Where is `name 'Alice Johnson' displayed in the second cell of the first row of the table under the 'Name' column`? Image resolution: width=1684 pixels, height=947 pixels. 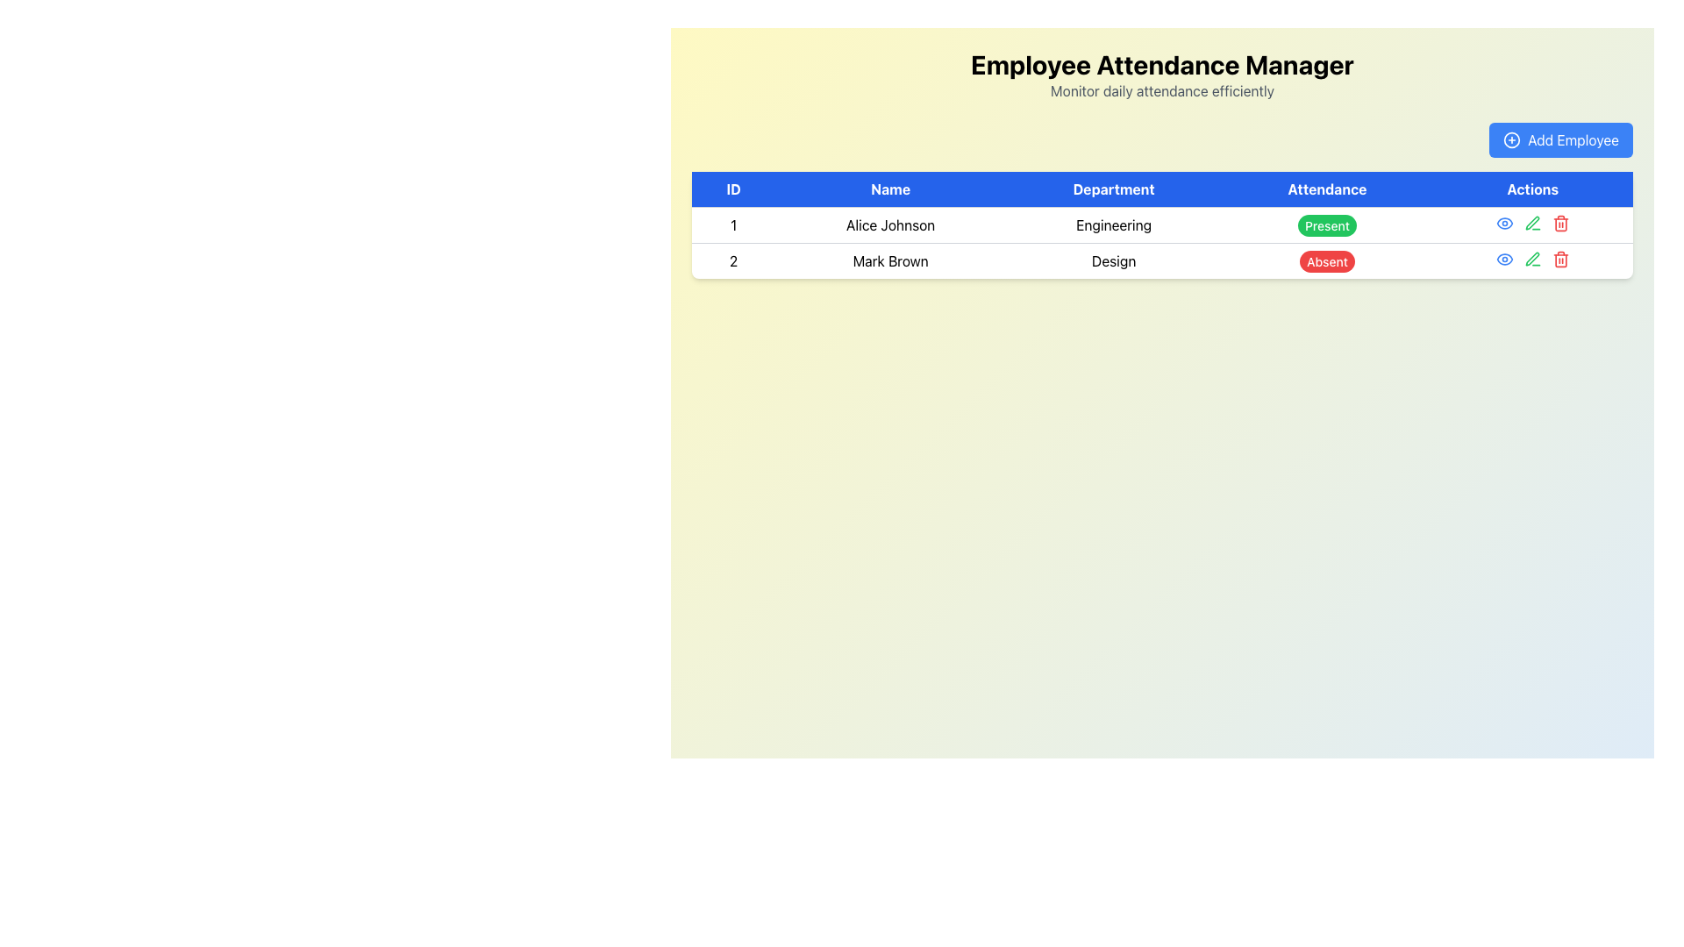
name 'Alice Johnson' displayed in the second cell of the first row of the table under the 'Name' column is located at coordinates (890, 224).